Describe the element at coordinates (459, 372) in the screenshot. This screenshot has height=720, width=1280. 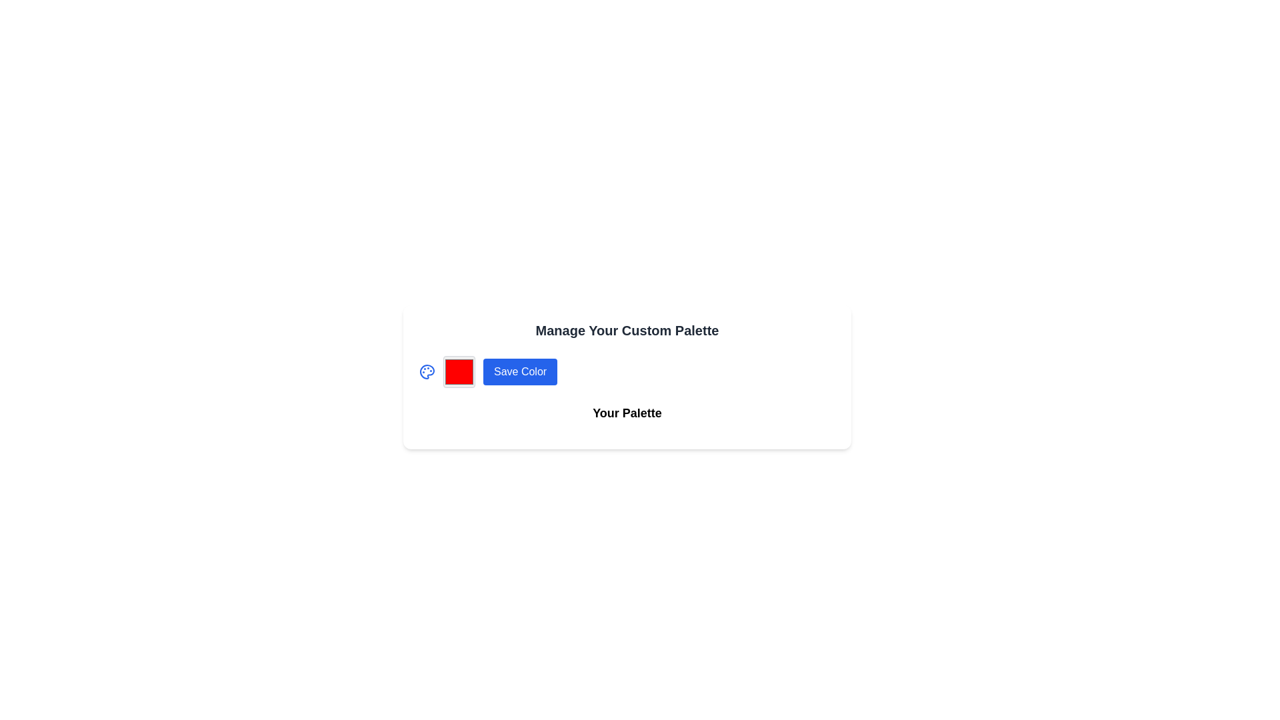
I see `and drop the Color Picker, which is a square-shaped color selector with a red fill and gray border` at that location.